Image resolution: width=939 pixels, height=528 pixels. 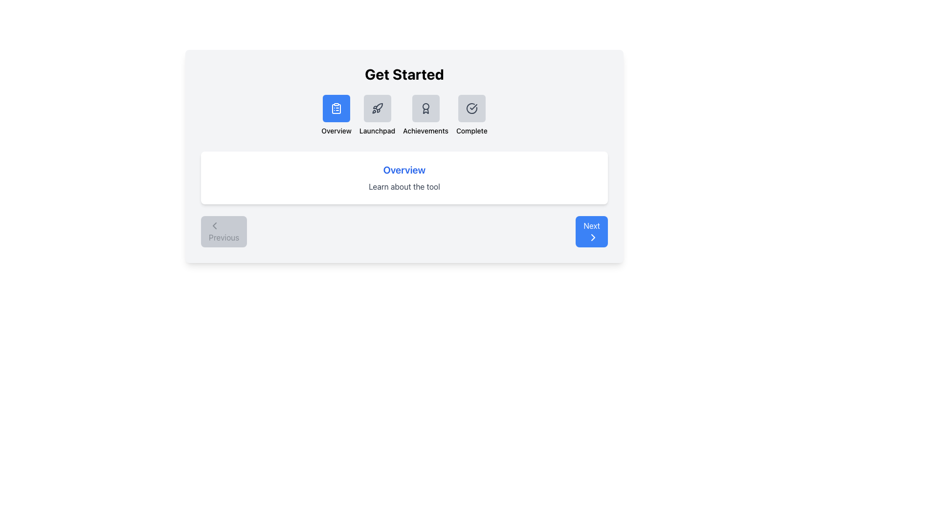 I want to click on the right-pointing chevron icon within the 'Next' button located at the bottom-right corner of the interface, so click(x=593, y=238).